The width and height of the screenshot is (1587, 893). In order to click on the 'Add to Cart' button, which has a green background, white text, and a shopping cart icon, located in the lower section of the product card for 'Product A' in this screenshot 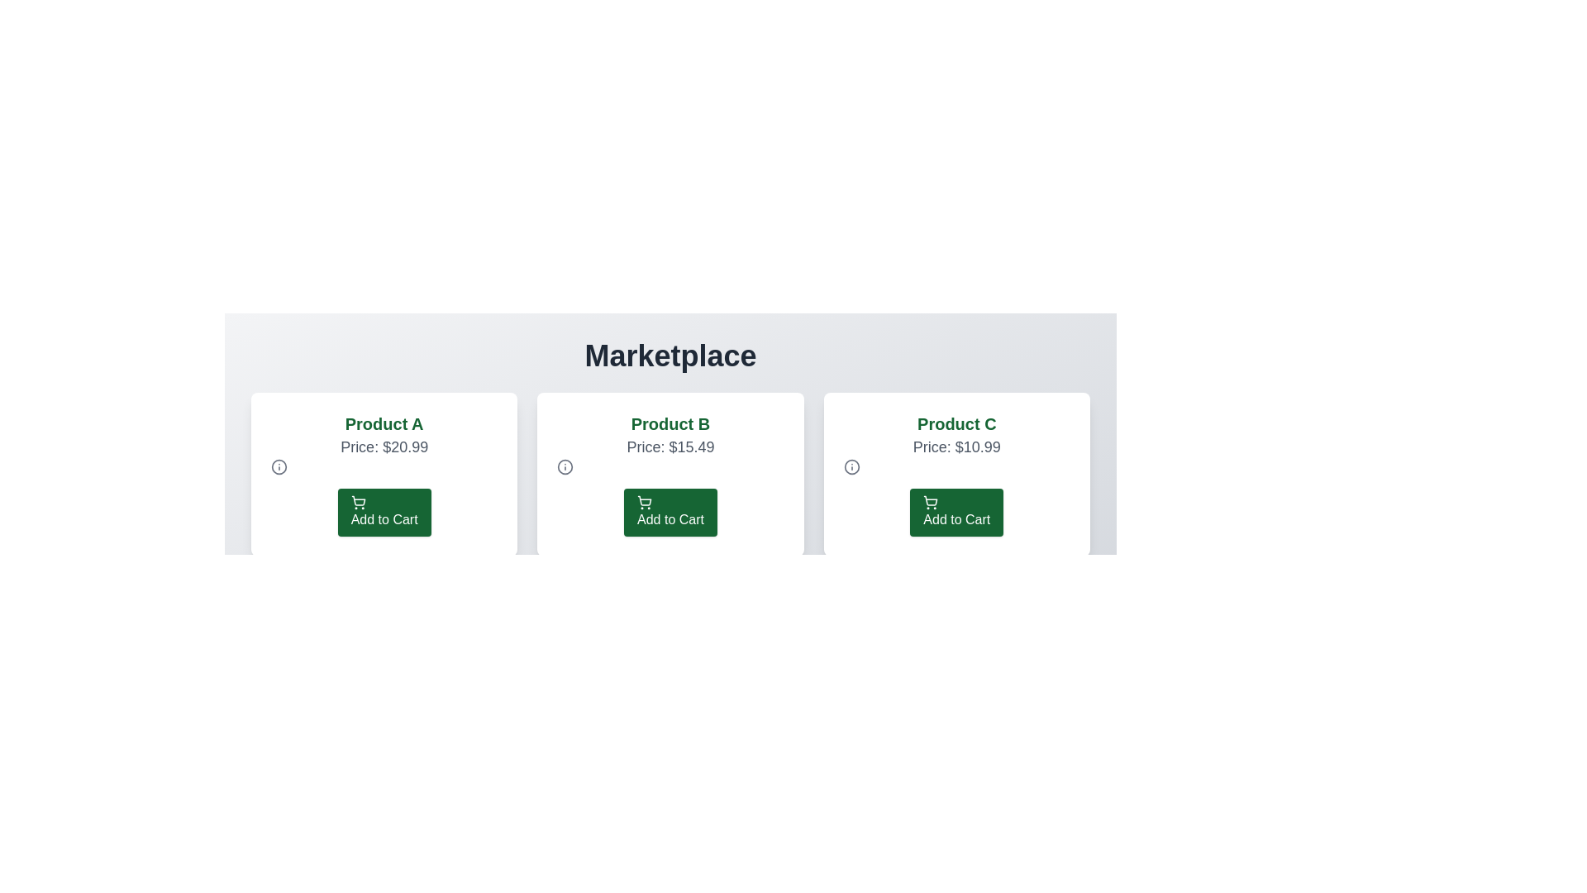, I will do `click(384, 512)`.